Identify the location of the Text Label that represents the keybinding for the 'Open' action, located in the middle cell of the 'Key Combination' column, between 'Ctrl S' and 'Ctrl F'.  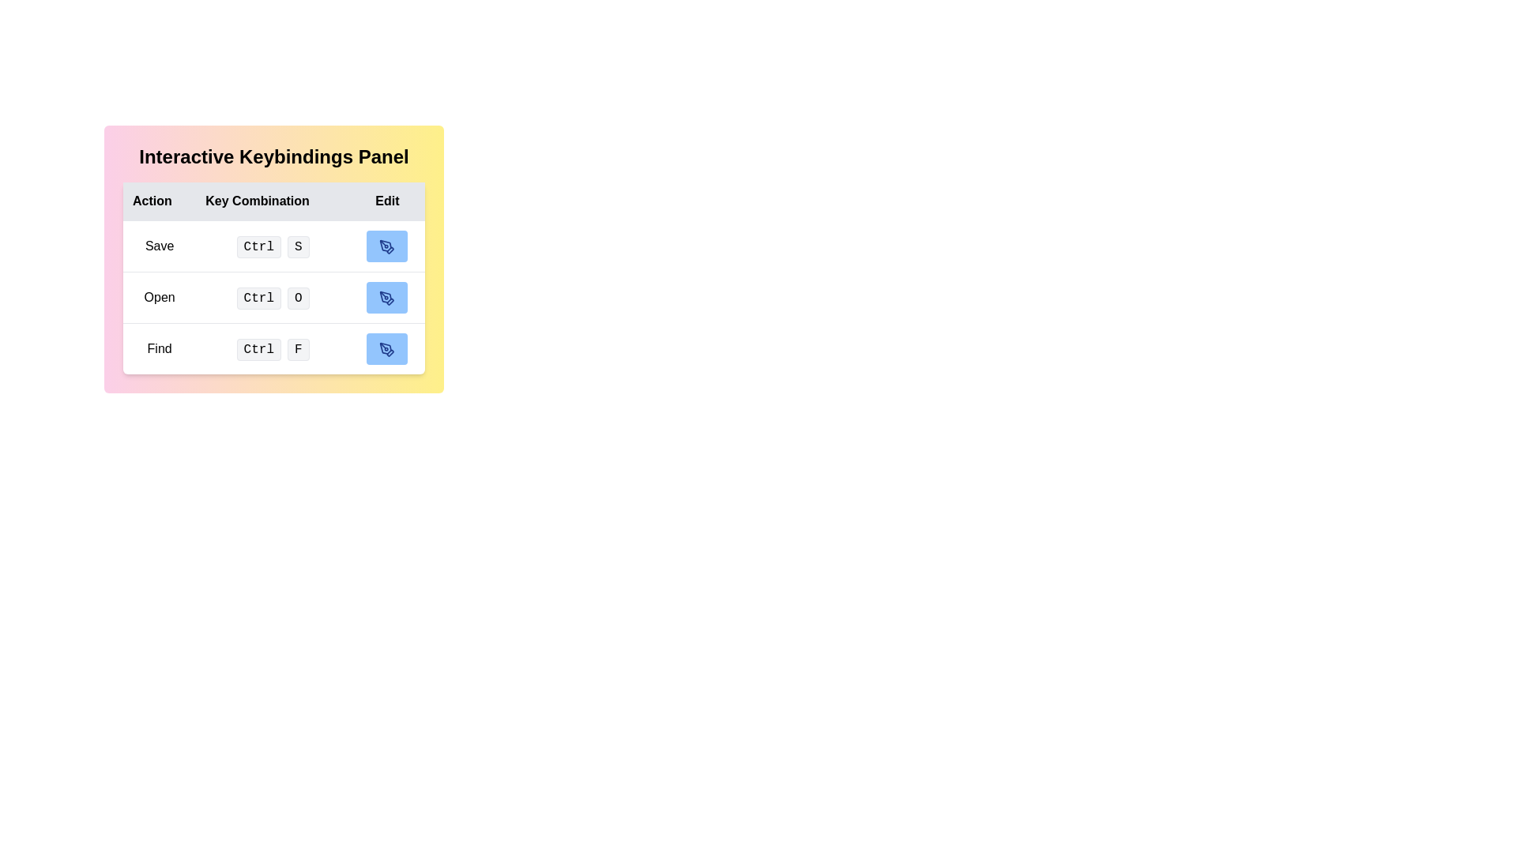
(258, 298).